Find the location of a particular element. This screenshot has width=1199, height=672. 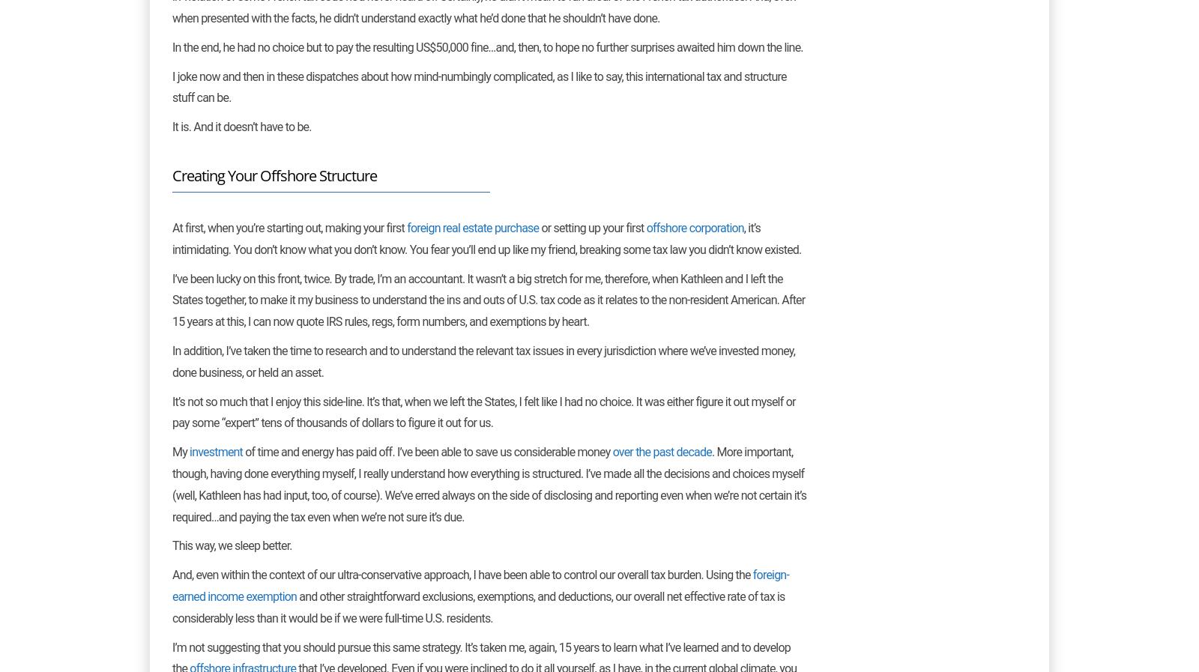

'And, even within the context of our ultra-conservative approach, I have been able to control our overall tax burden. Using the' is located at coordinates (172, 575).